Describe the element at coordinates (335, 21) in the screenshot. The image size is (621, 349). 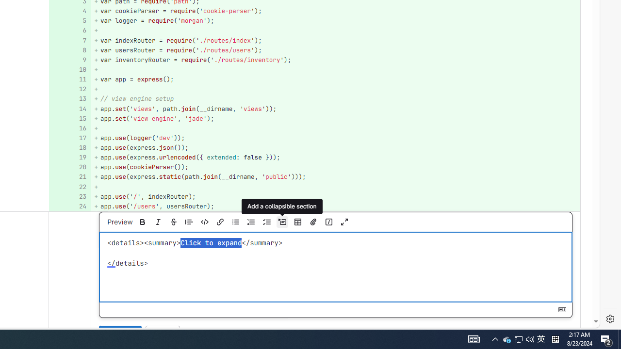
I see `'+ var logger = require('` at that location.